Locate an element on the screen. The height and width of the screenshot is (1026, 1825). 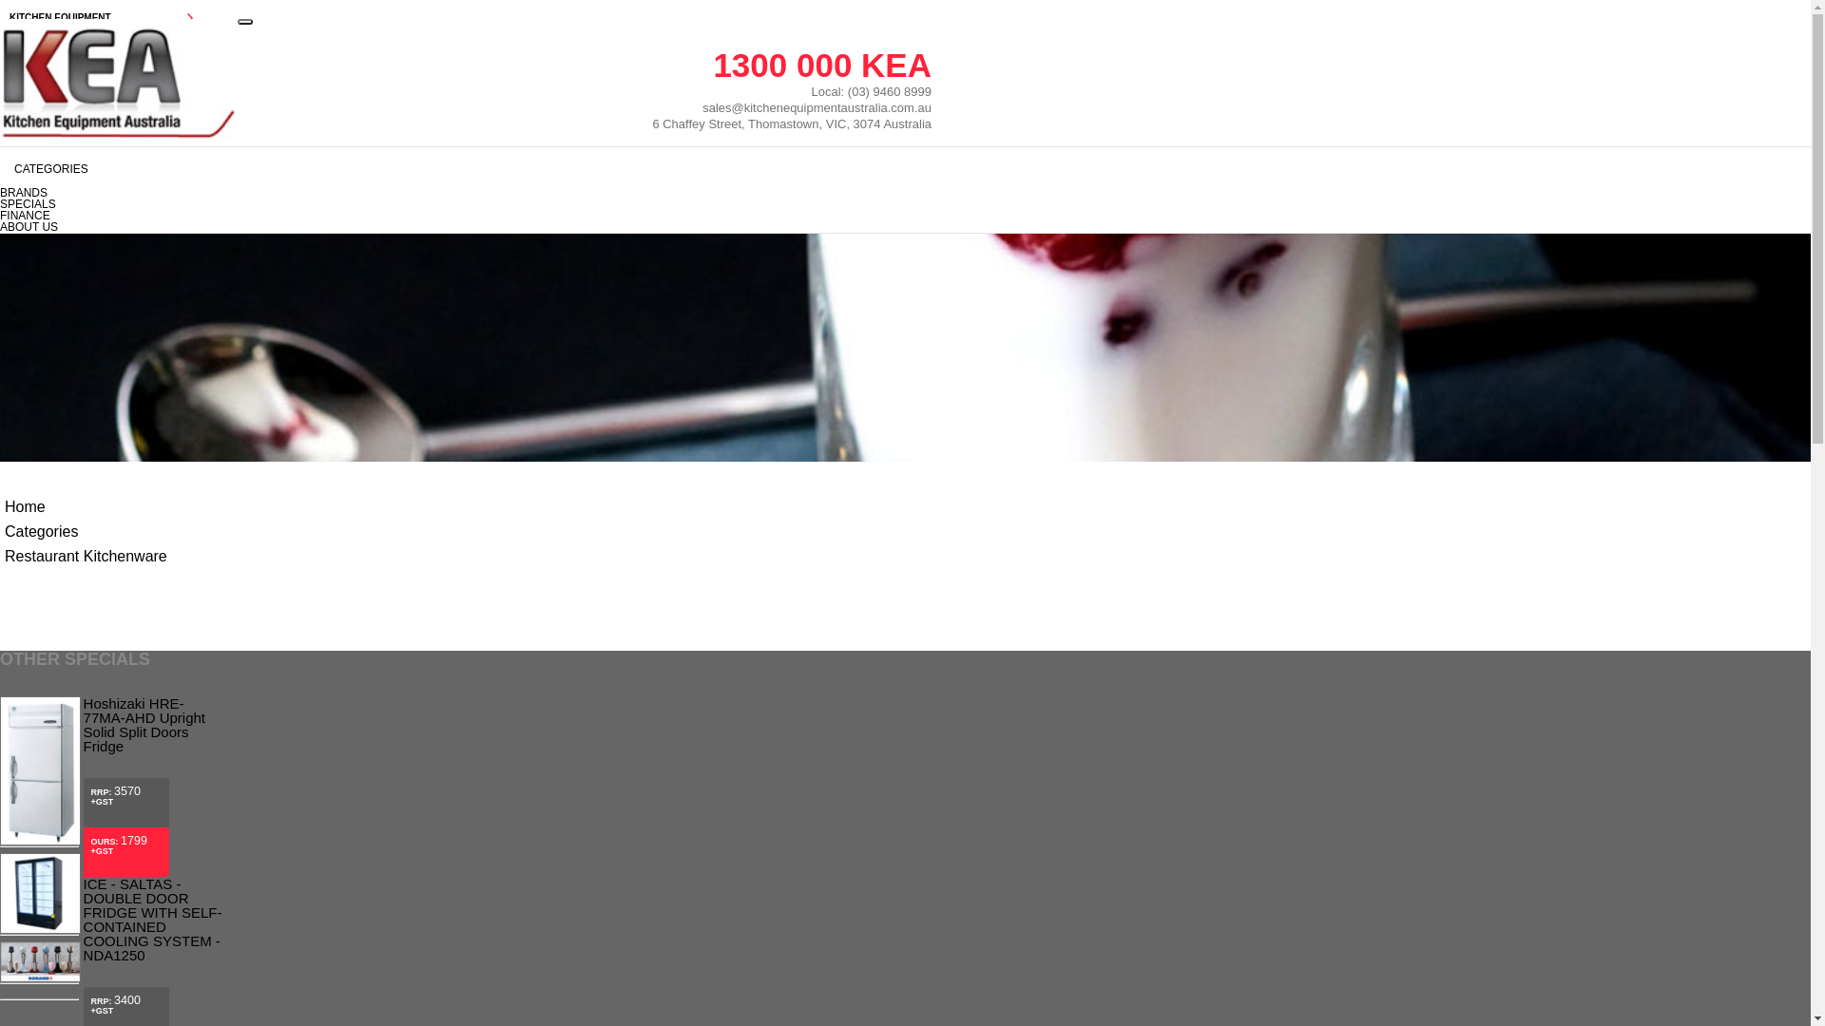
'FOOD VANS TRAILERS AND COFFEE VANS' is located at coordinates (0, 310).